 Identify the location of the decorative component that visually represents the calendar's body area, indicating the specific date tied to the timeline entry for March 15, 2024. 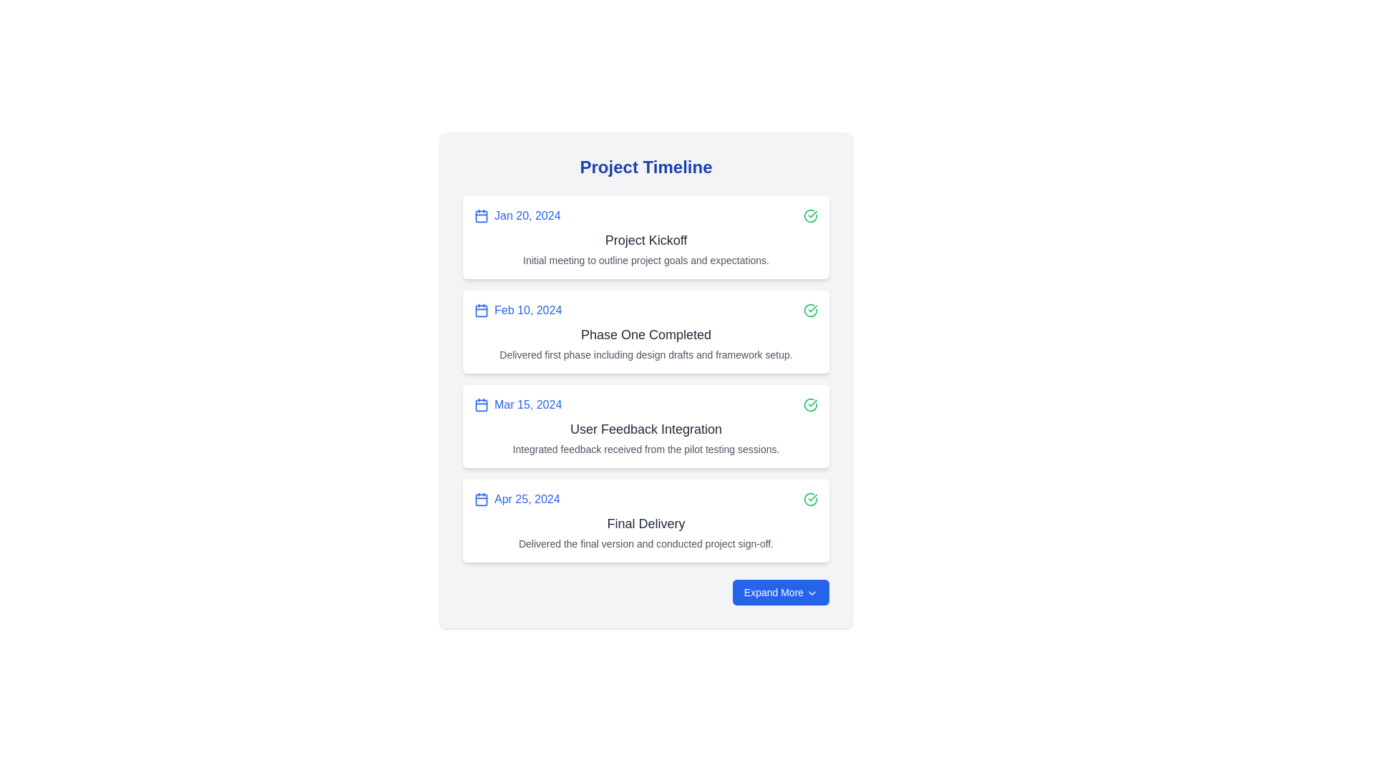
(481, 405).